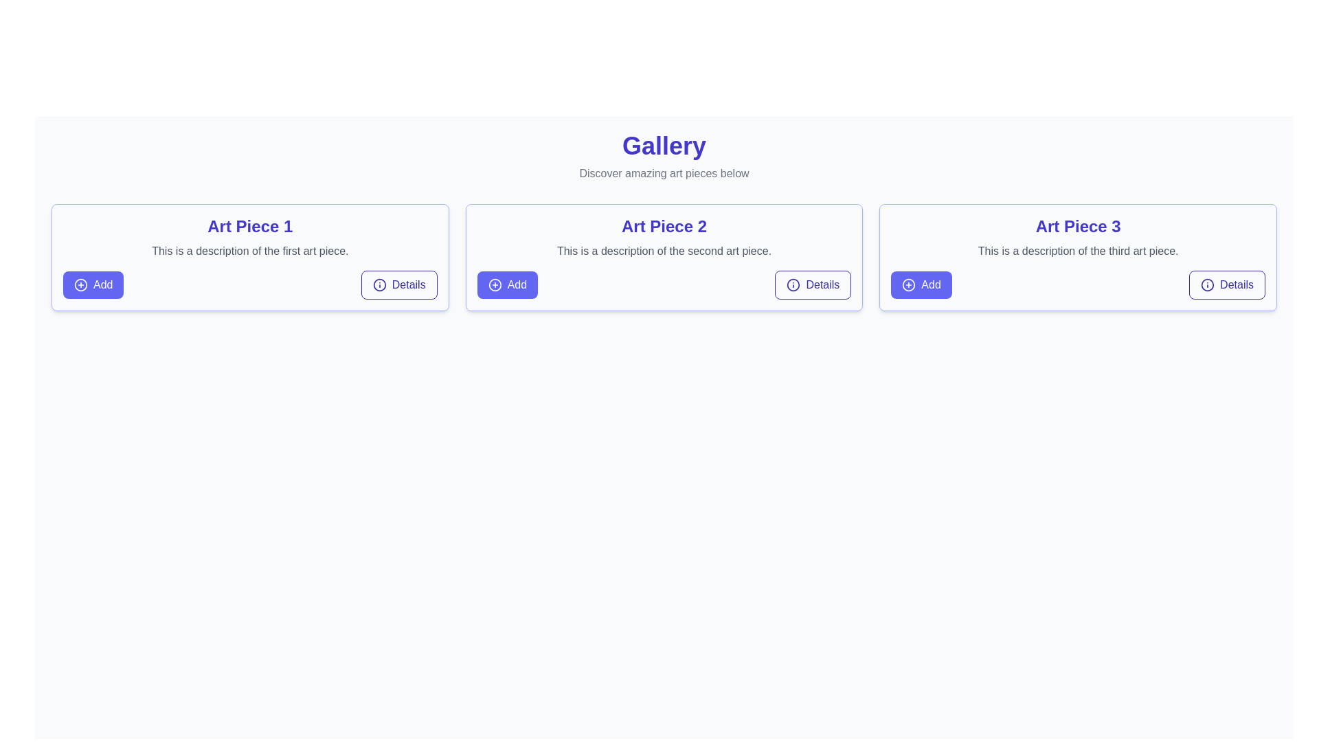 The height and width of the screenshot is (742, 1319). What do you see at coordinates (793, 284) in the screenshot?
I see `the information icon inside the 'Details' button of the second art piece card in the middle column` at bounding box center [793, 284].